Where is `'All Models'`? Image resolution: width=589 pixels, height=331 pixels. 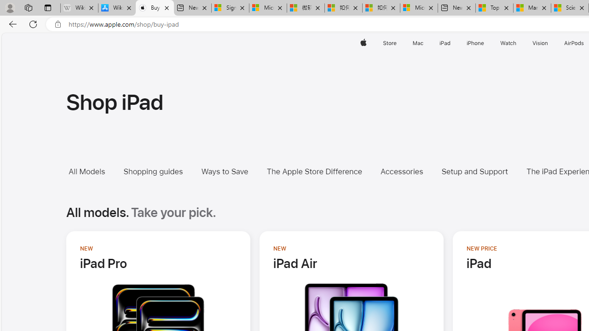
'All Models' is located at coordinates (93, 171).